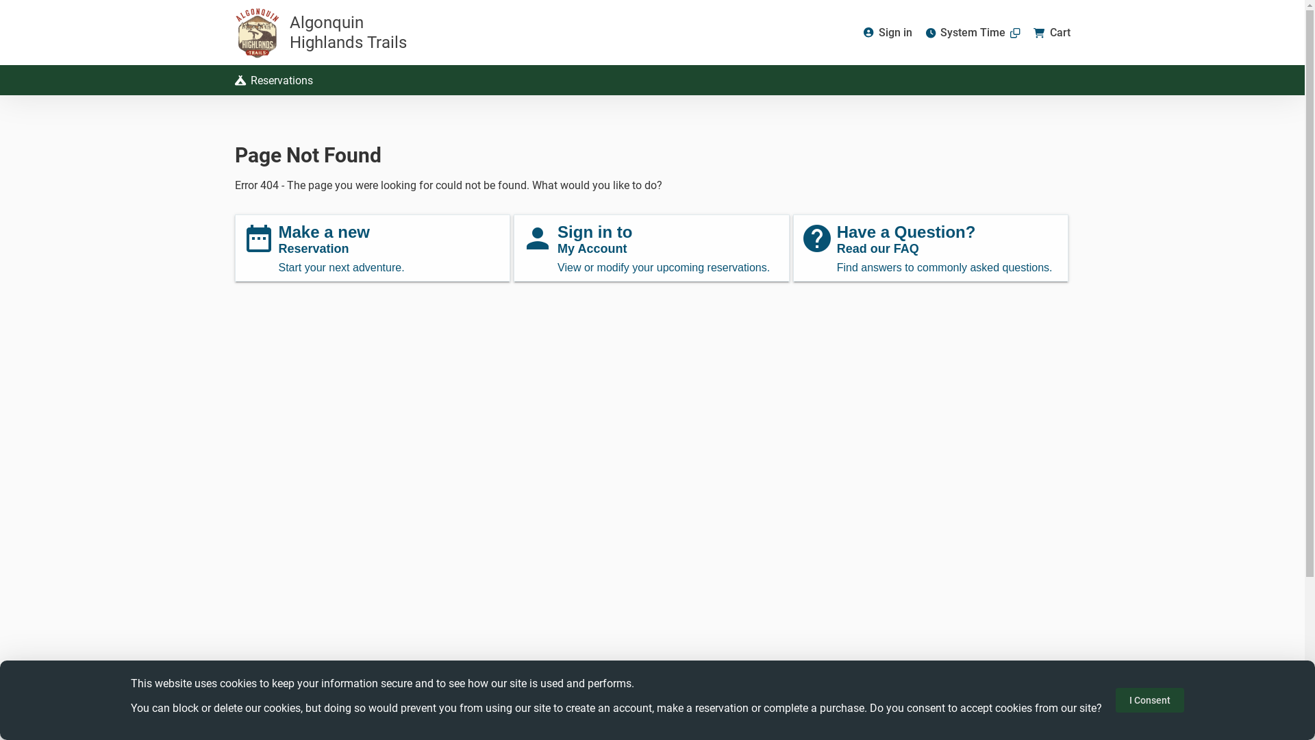  I want to click on 'Cart', so click(1051, 32).